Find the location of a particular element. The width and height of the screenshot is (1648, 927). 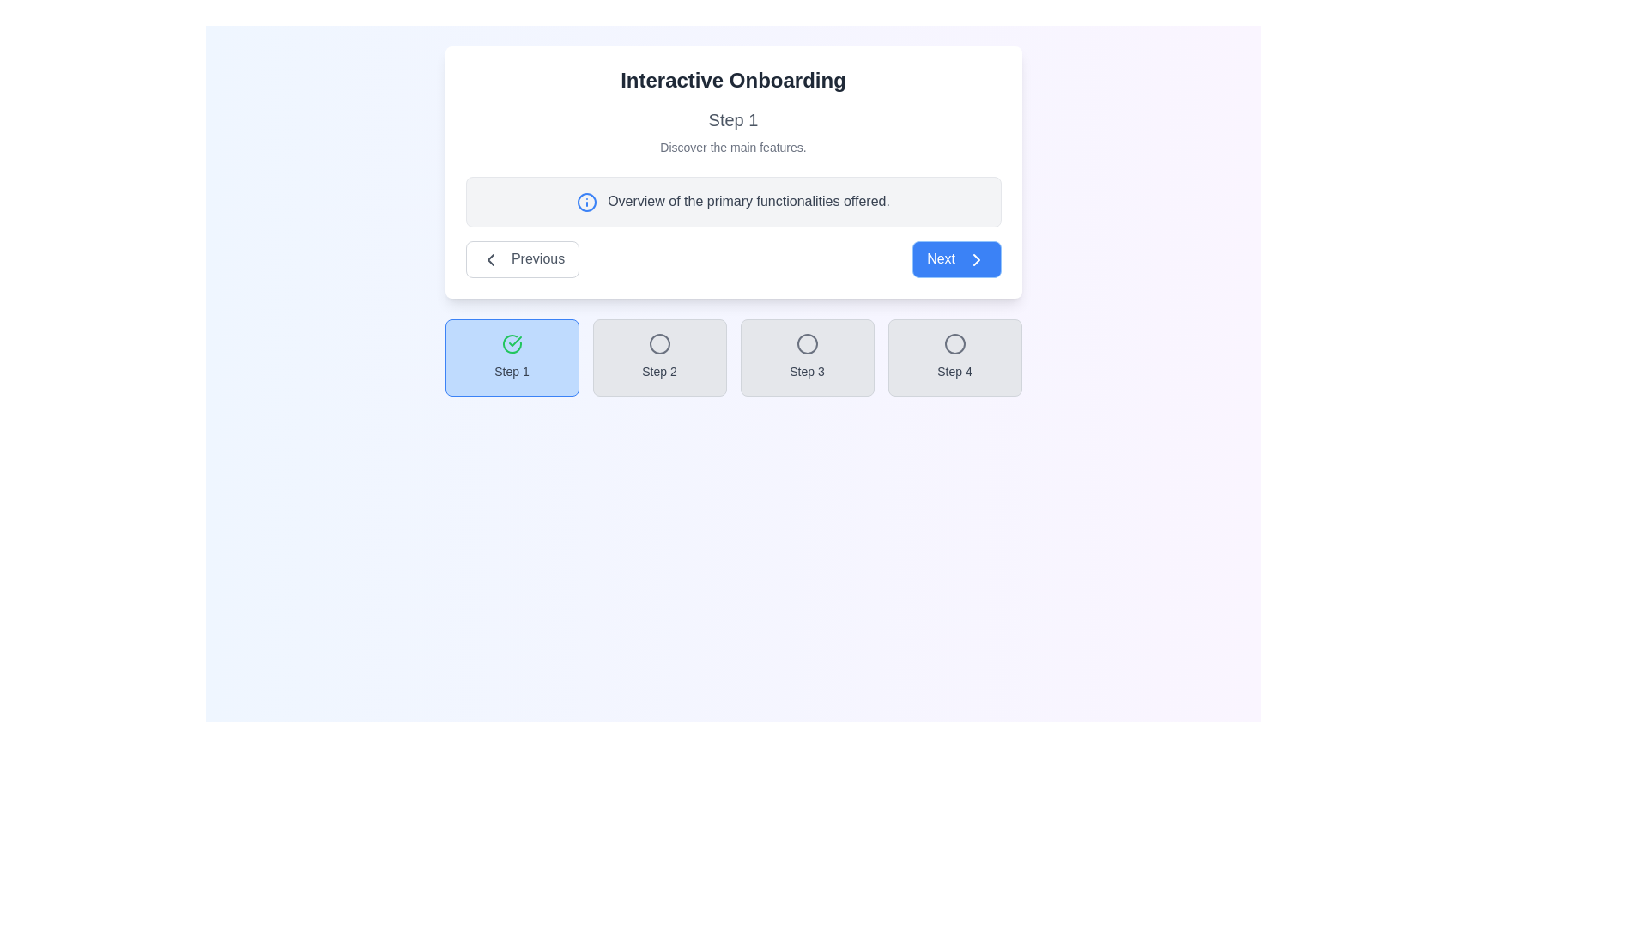

properties of the circular icon that indicates the completion or active selection of 'Step 1' in the onboarding process, located at the bottom center of the interface is located at coordinates (511, 343).